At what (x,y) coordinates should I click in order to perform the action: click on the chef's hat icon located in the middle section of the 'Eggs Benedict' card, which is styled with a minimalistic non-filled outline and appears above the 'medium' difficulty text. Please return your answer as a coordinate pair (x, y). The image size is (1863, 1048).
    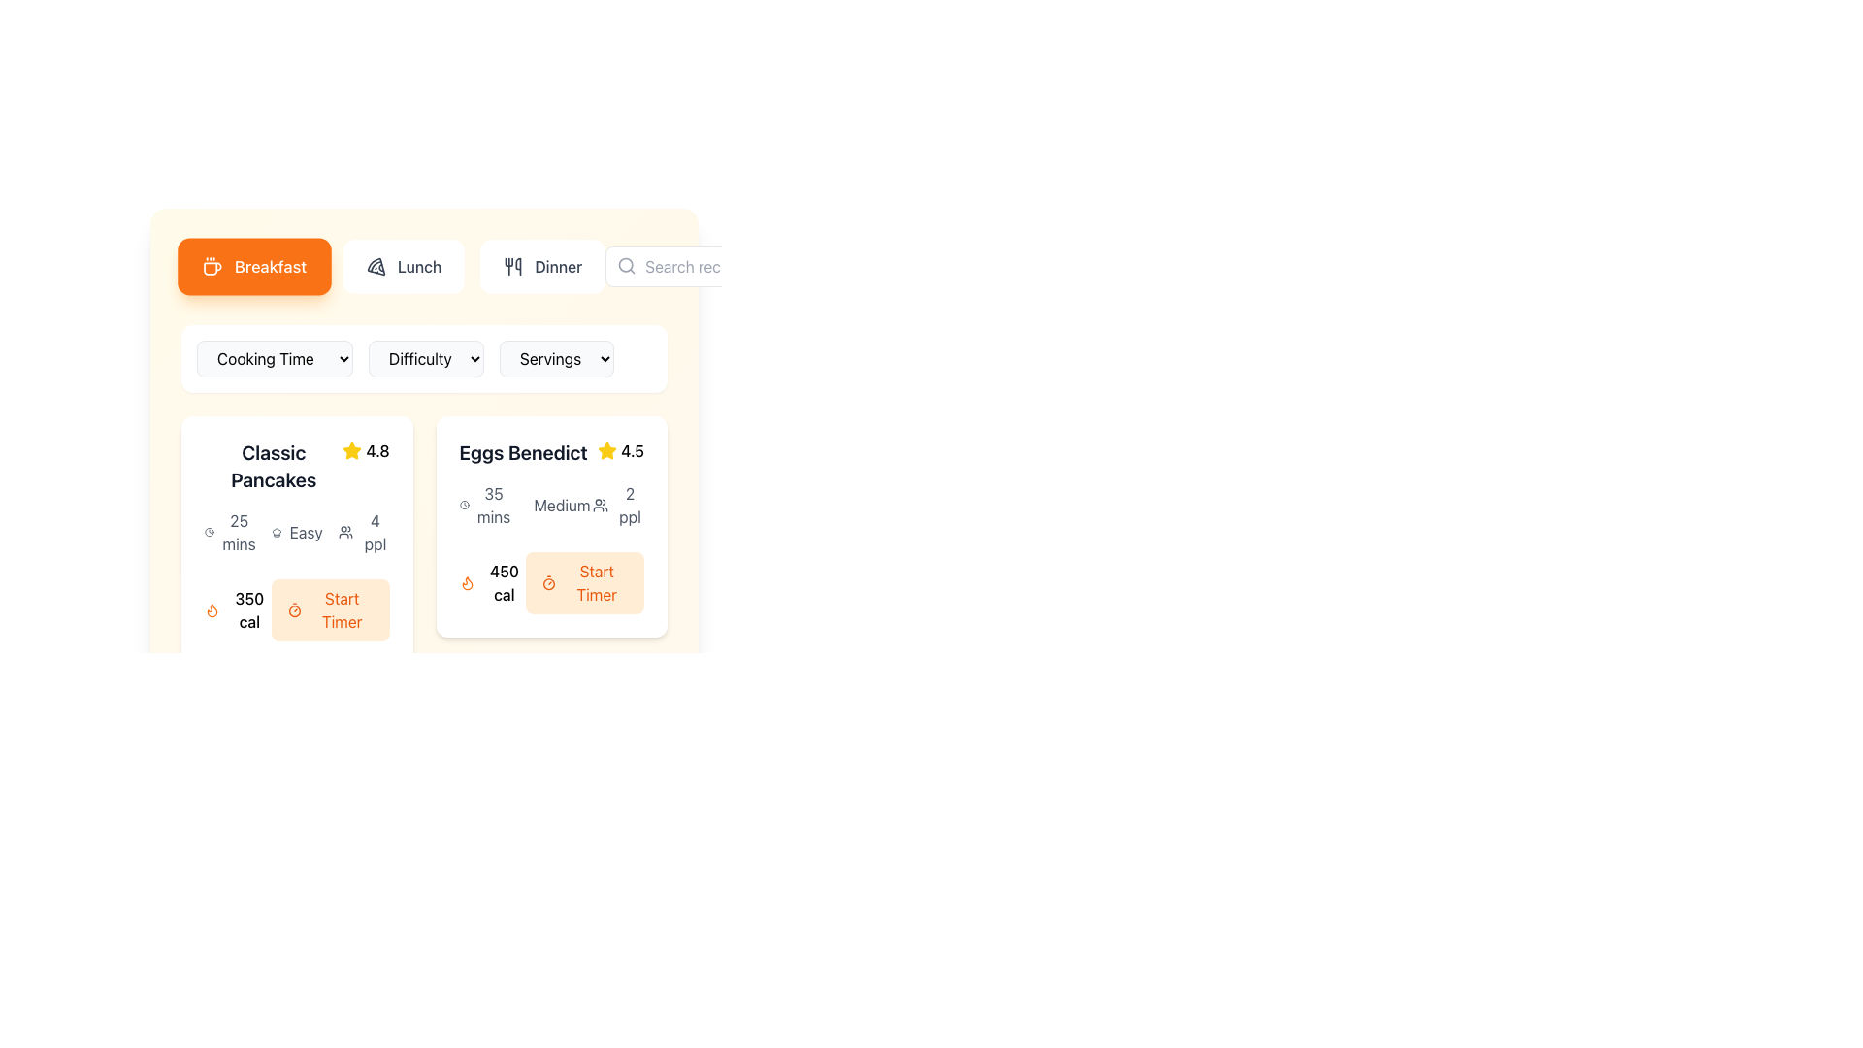
    Looking at the image, I should click on (538, 507).